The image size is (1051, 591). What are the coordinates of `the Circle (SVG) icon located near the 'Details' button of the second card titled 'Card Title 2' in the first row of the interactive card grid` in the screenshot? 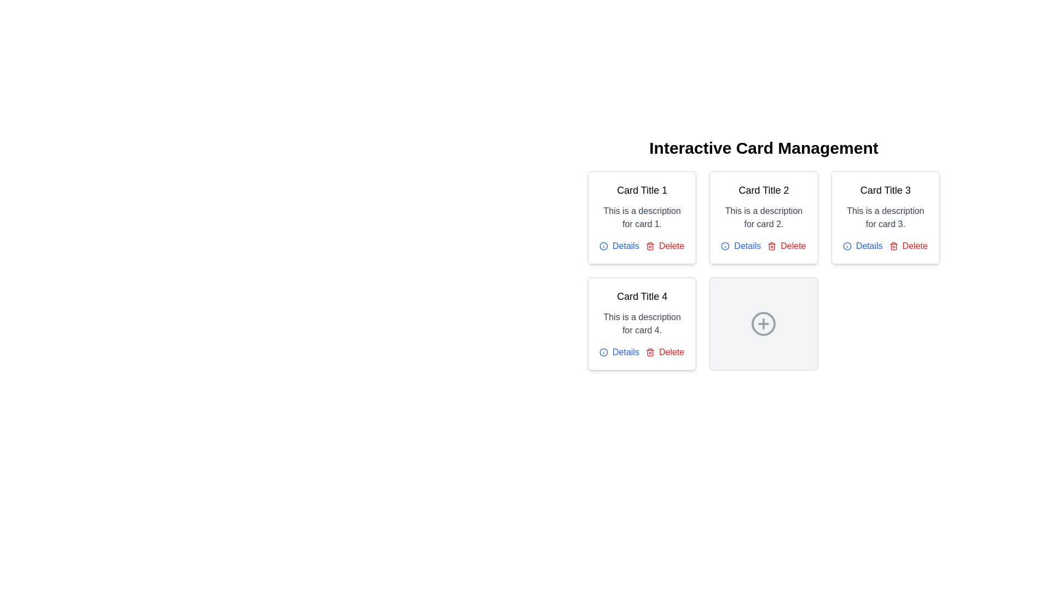 It's located at (725, 246).